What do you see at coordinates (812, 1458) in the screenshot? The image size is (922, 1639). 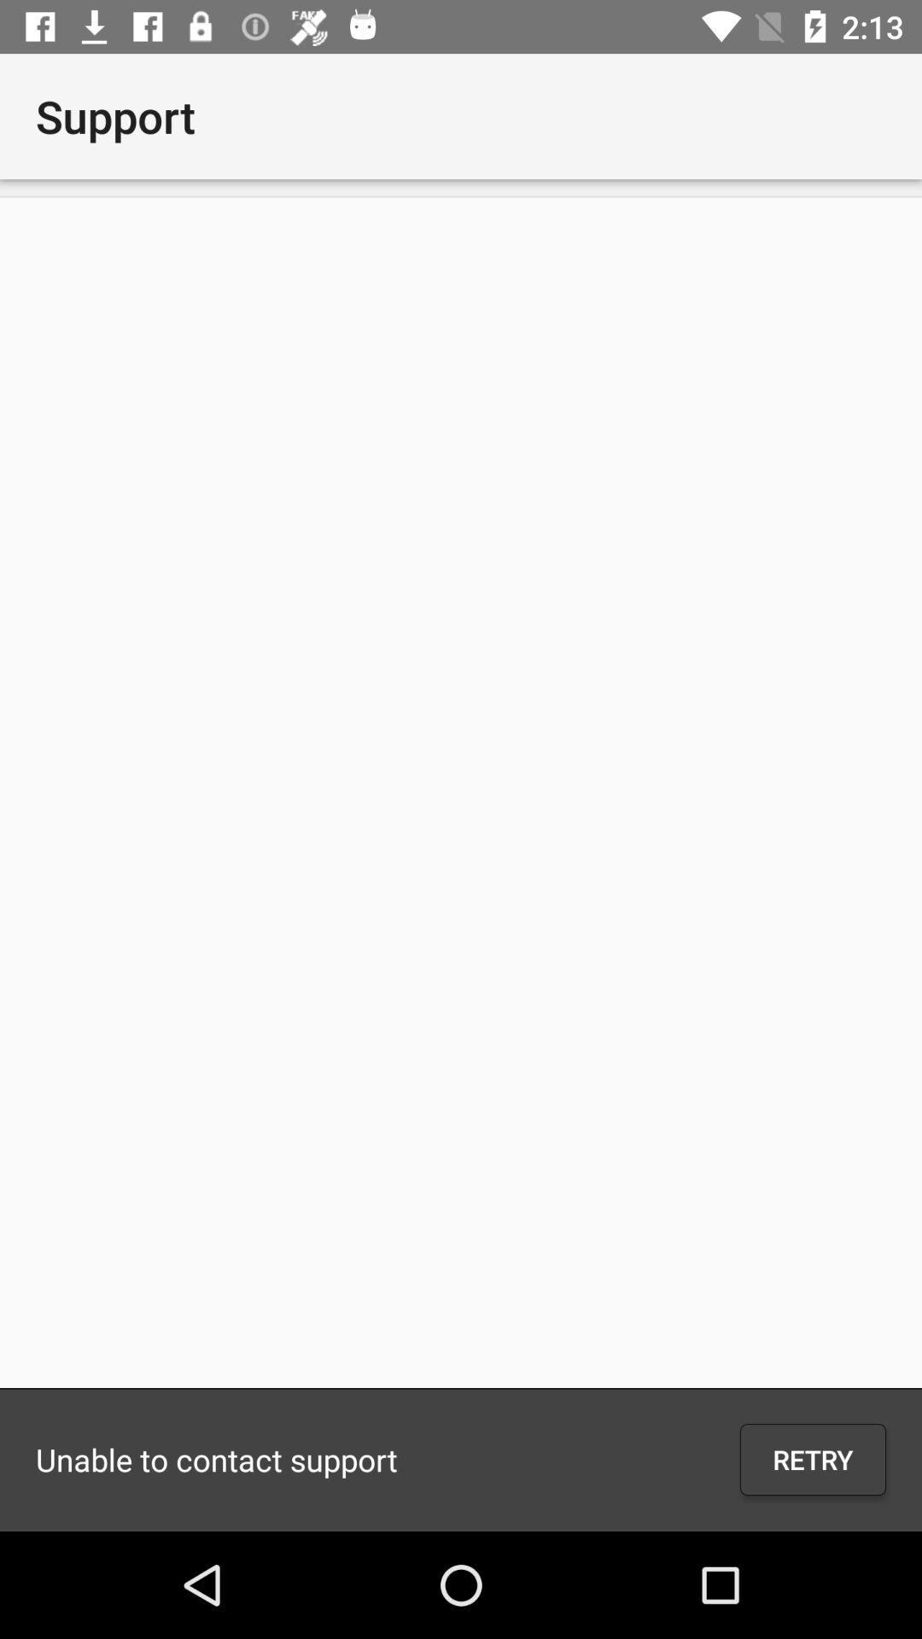 I see `icon next to unable to contact item` at bounding box center [812, 1458].